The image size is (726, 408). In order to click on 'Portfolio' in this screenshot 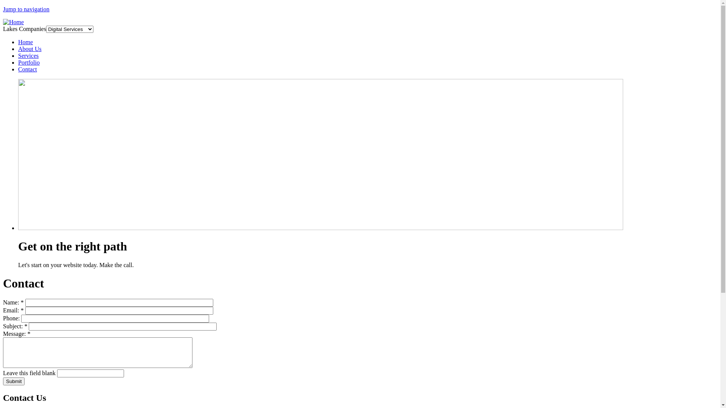, I will do `click(29, 62)`.